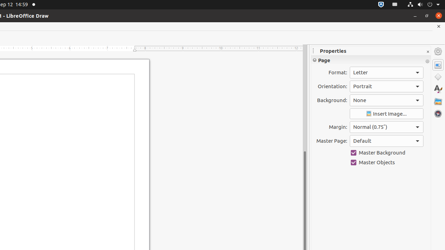 The image size is (445, 250). Describe the element at coordinates (380, 5) in the screenshot. I see `':1.72/StatusNotifierItem'` at that location.